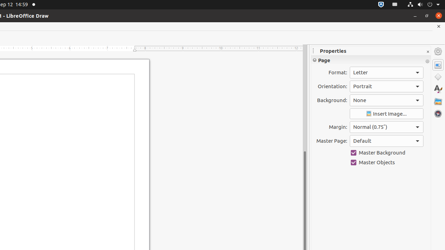 The image size is (445, 250). Describe the element at coordinates (380, 5) in the screenshot. I see `':1.72/StatusNotifierItem'` at that location.